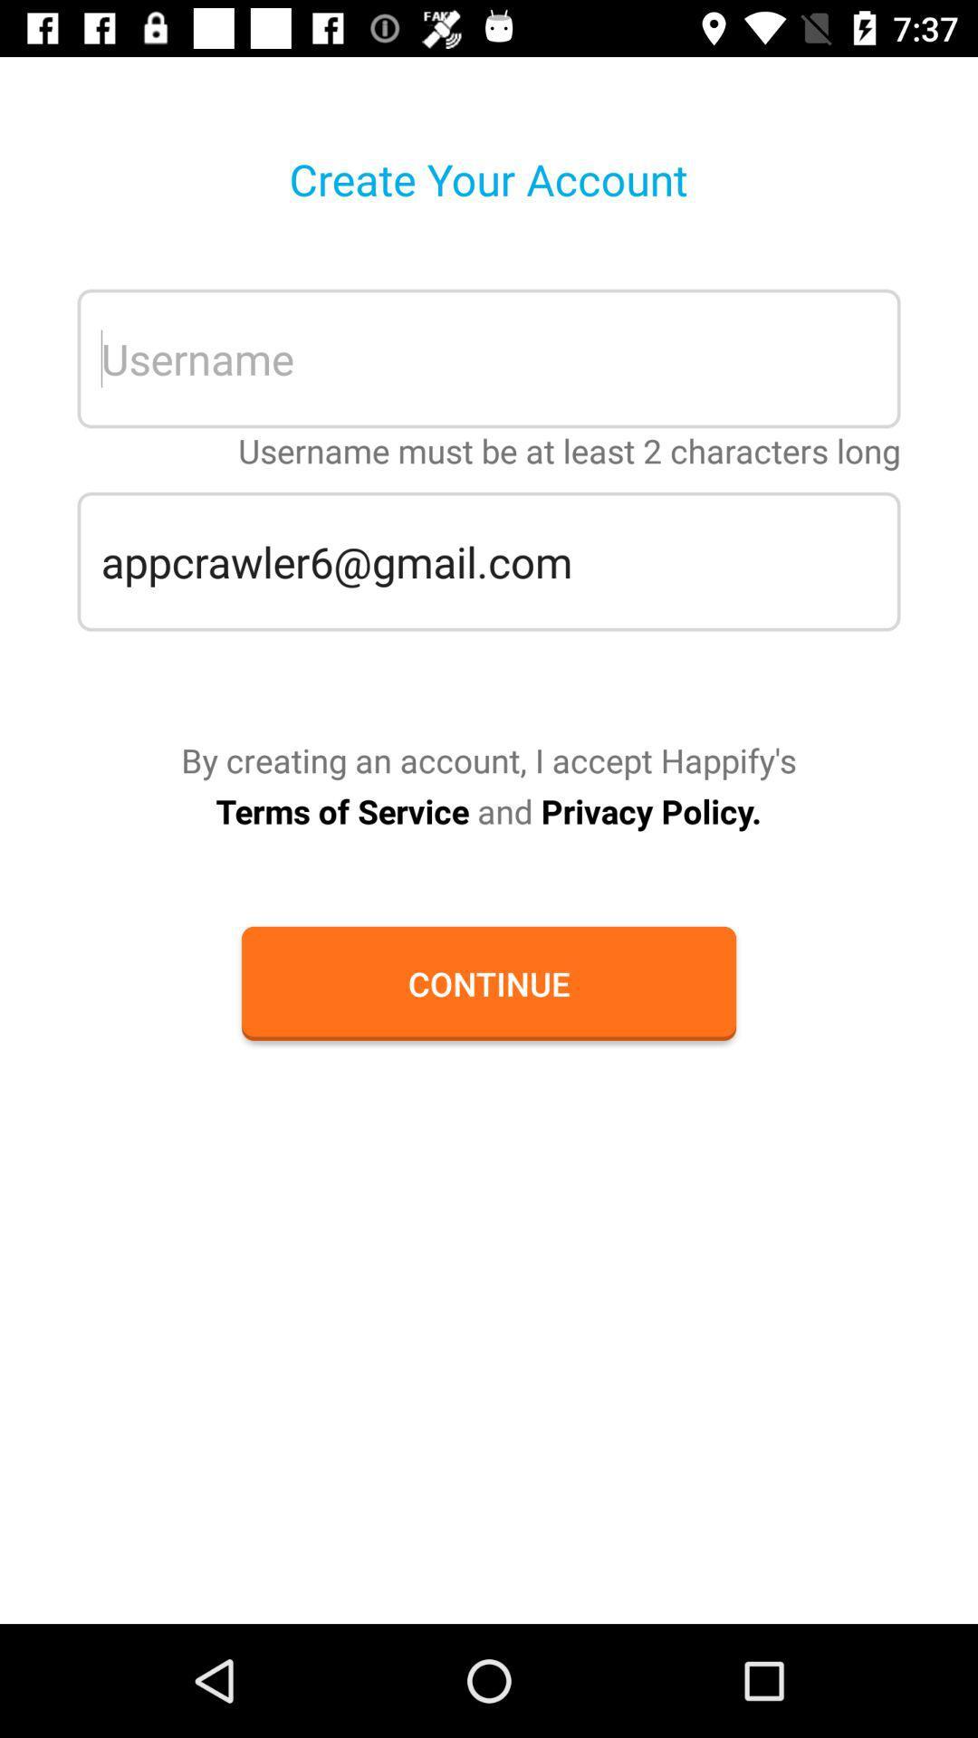  Describe the element at coordinates (489, 358) in the screenshot. I see `the item above the username must be item` at that location.